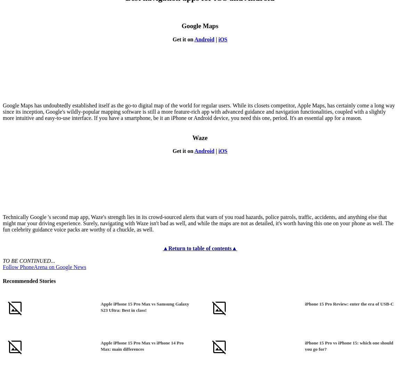 The width and height of the screenshot is (400, 374). I want to click on 'Waze', so click(192, 137).